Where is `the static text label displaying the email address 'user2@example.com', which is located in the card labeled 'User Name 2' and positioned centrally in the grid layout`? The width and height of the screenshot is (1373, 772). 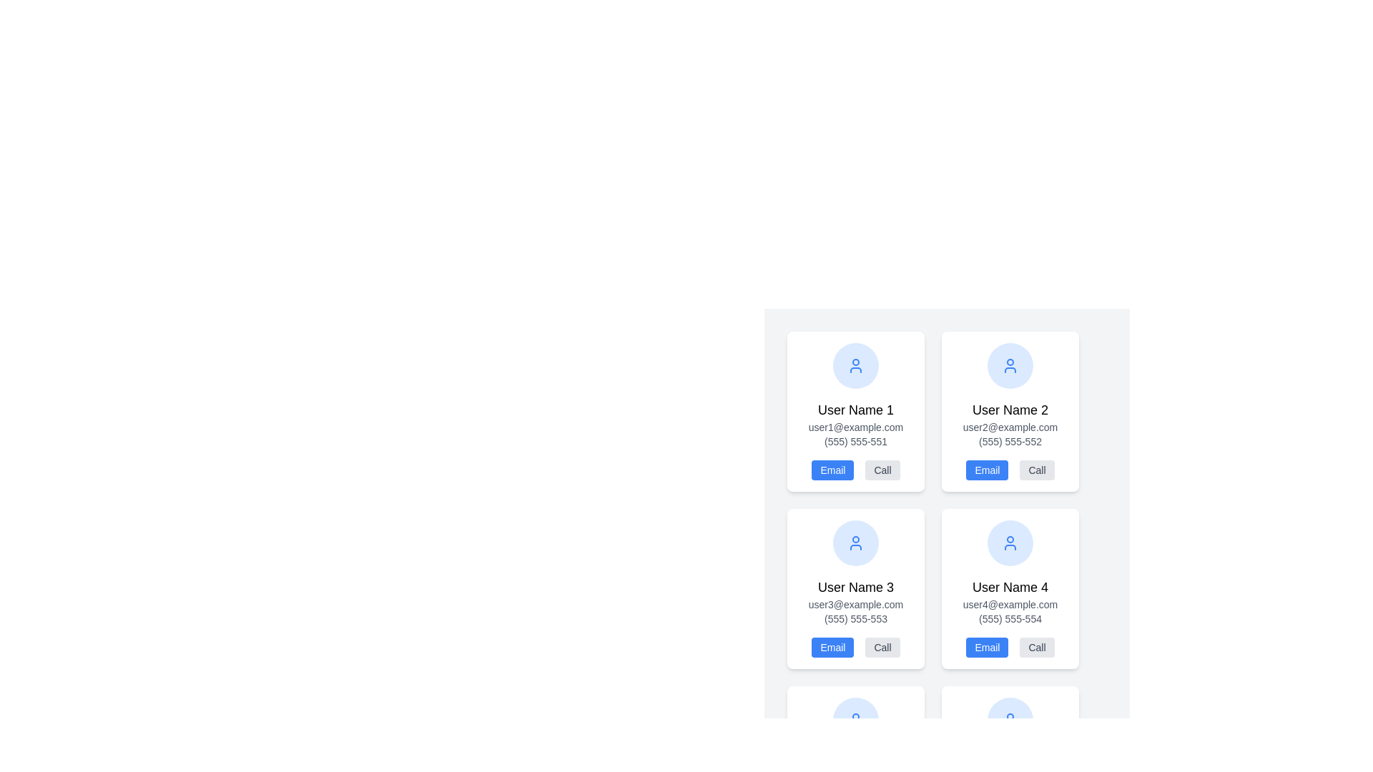
the static text label displaying the email address 'user2@example.com', which is located in the card labeled 'User Name 2' and positioned centrally in the grid layout is located at coordinates (1009, 426).